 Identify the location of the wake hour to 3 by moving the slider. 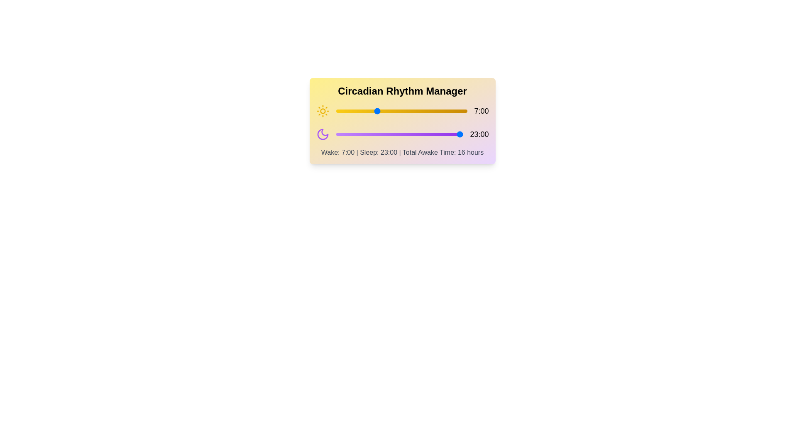
(353, 110).